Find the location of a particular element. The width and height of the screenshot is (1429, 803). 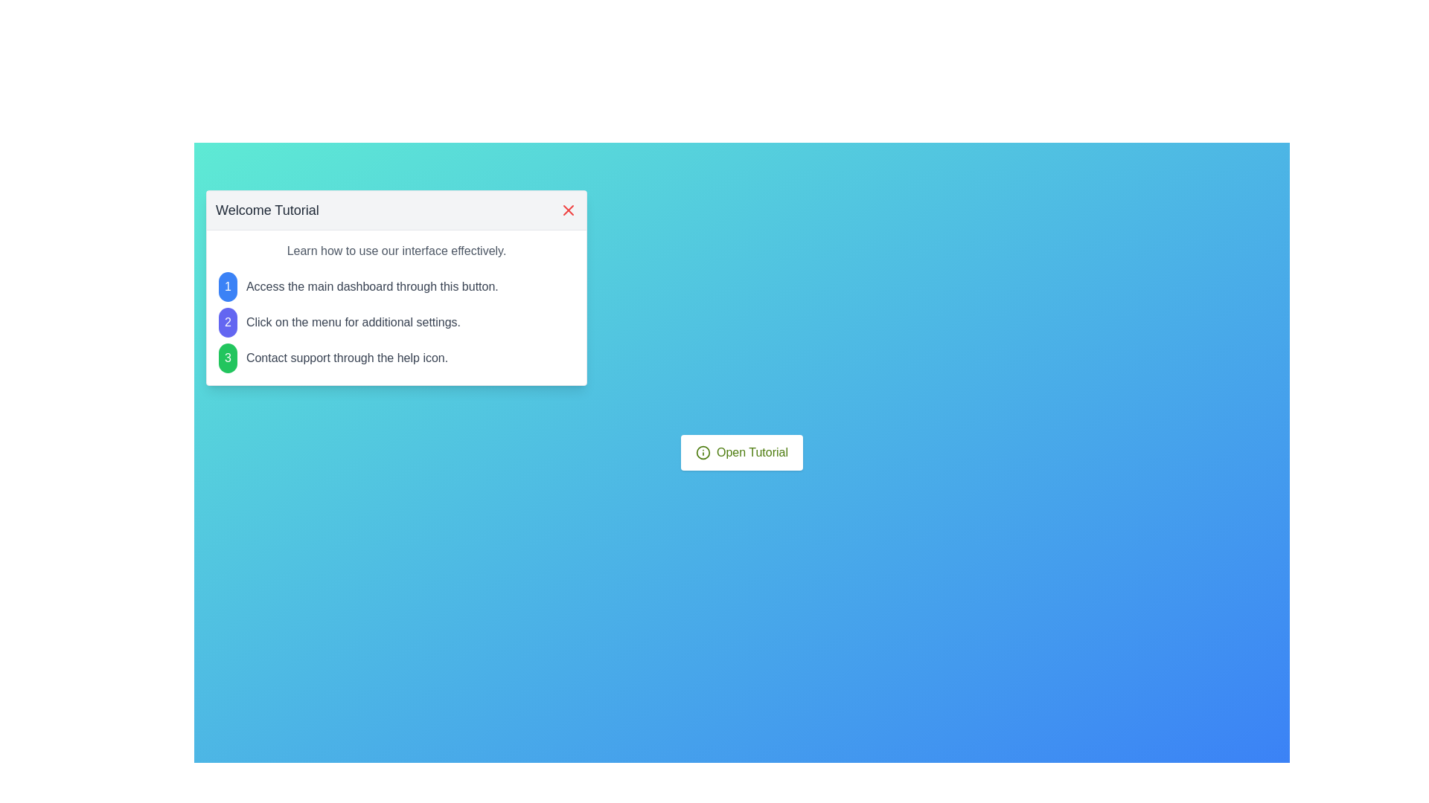

the circular icon element located within the button labeled 'Open Tutorial', positioned towards the bottom-right area of the interface is located at coordinates (703, 452).